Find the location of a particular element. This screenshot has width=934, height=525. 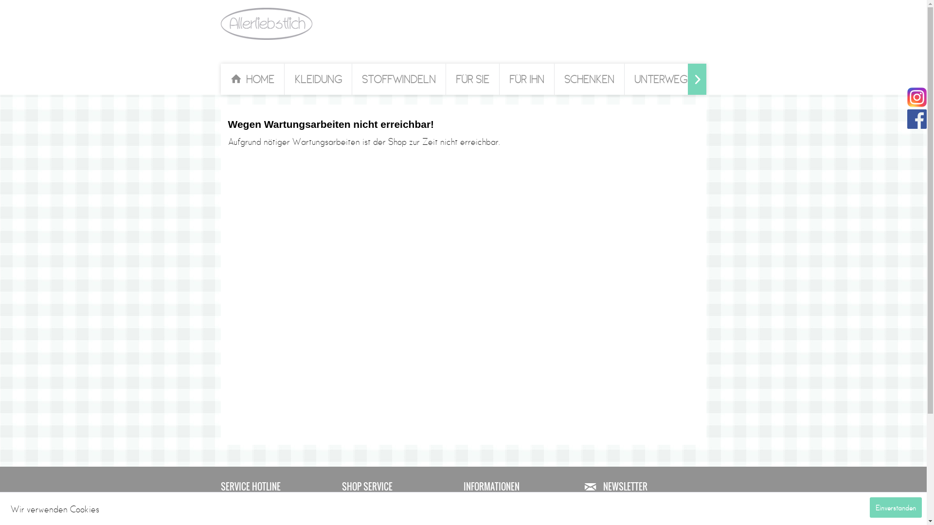

'KLEIDUNG' is located at coordinates (318, 78).